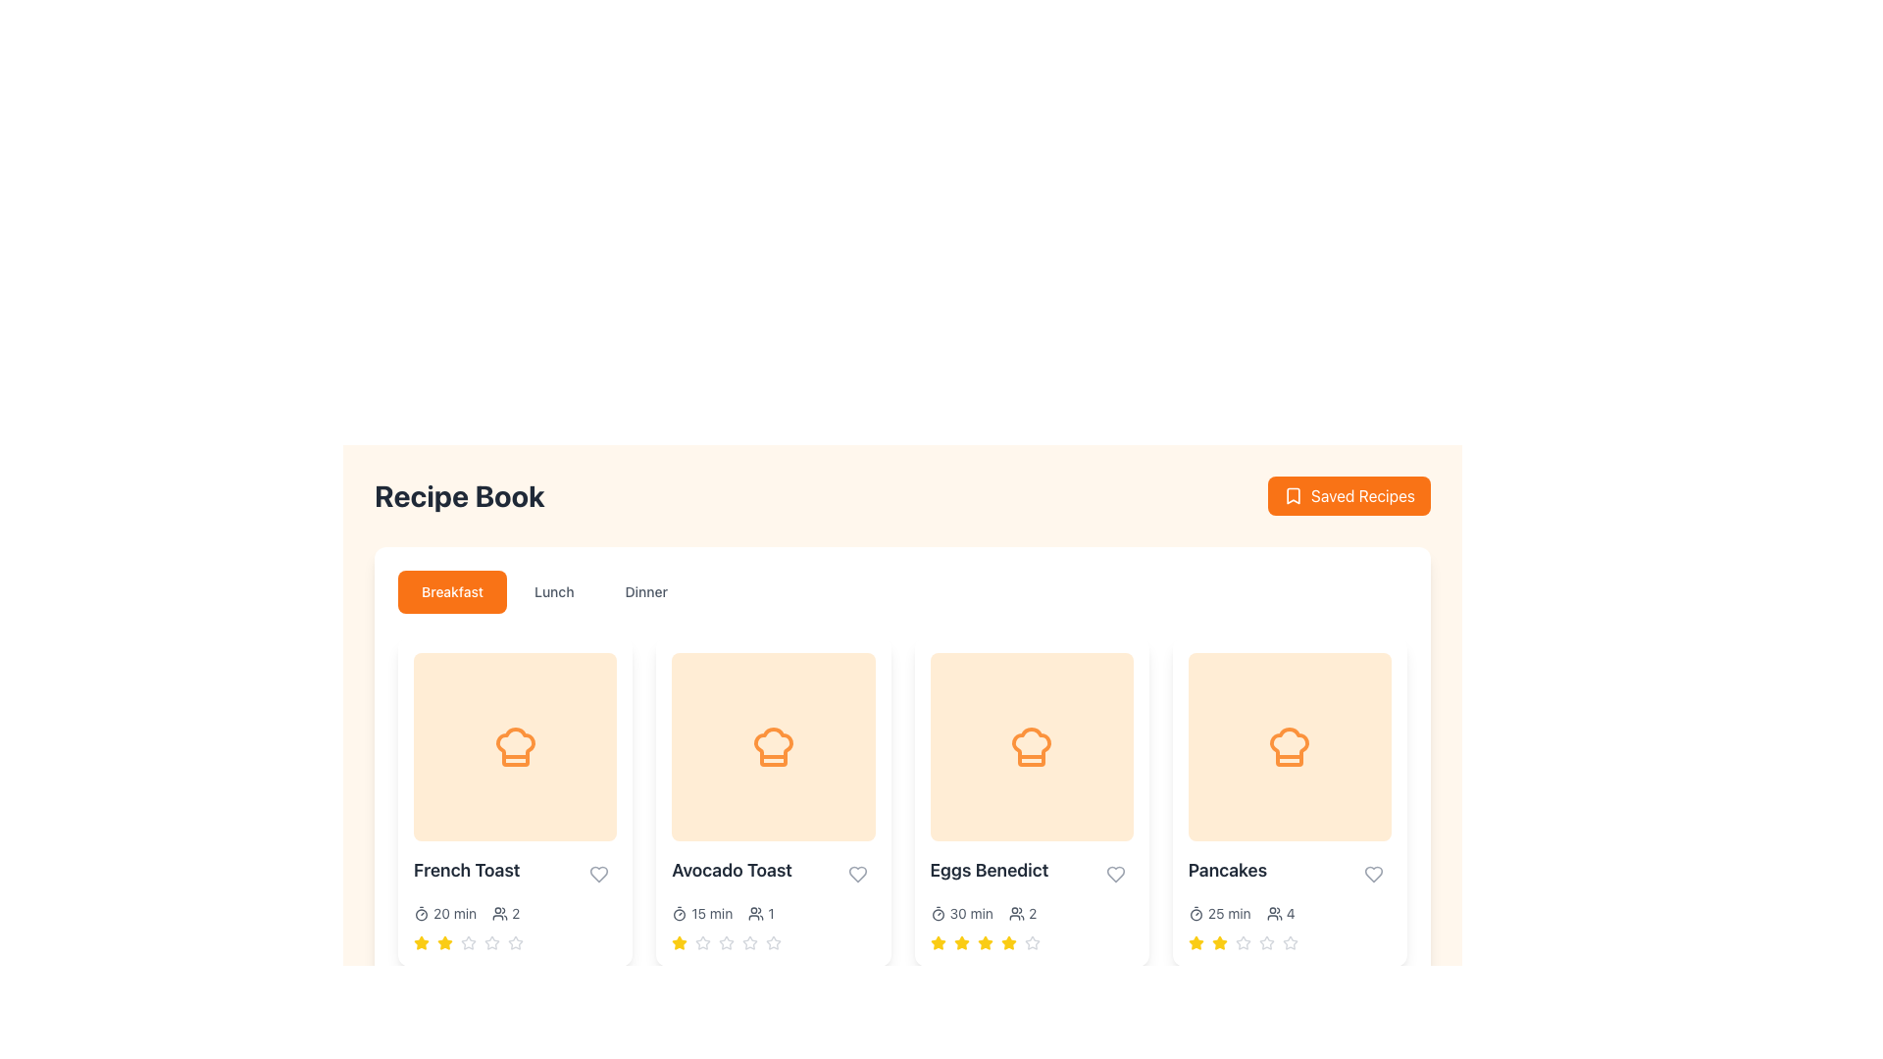  What do you see at coordinates (1242, 941) in the screenshot?
I see `the muted gray star icon, which is the fourth star in the star rating widget for the 'Pancakes' item card` at bounding box center [1242, 941].